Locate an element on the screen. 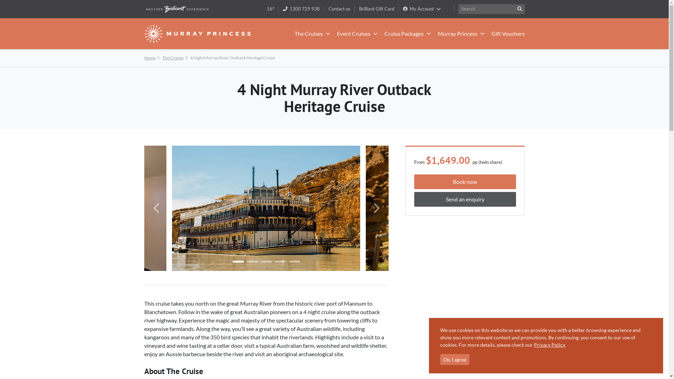 The height and width of the screenshot is (379, 674). 'Cruise Packages' is located at coordinates (407, 34).